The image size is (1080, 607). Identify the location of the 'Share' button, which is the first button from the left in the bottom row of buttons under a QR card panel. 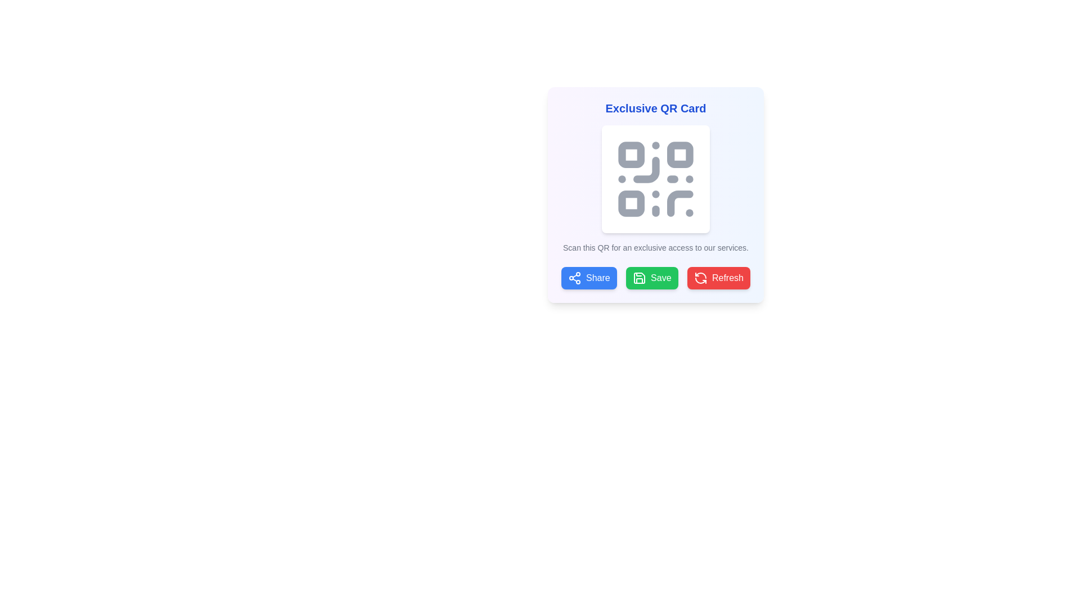
(597, 278).